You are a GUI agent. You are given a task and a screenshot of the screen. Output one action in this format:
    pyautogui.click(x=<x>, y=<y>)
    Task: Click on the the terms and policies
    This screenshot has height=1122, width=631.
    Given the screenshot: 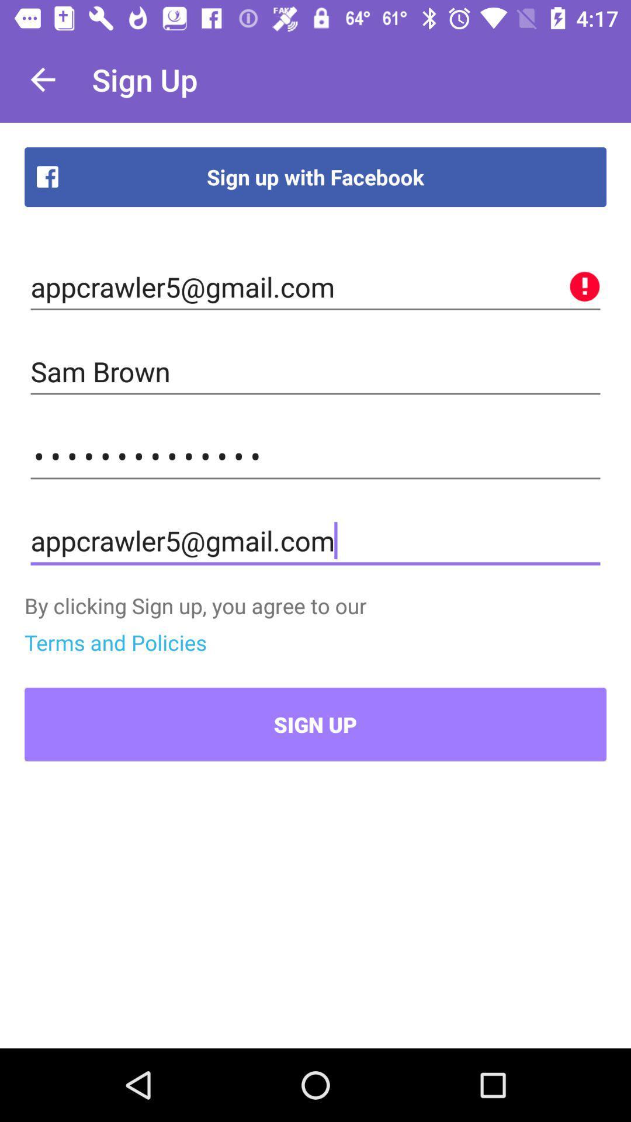 What is the action you would take?
    pyautogui.click(x=115, y=642)
    